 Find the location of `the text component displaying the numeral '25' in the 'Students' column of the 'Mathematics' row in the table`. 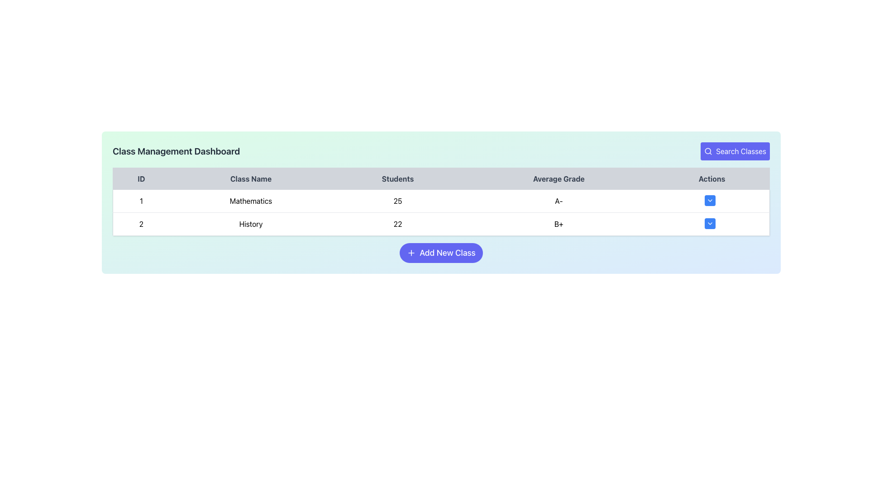

the text component displaying the numeral '25' in the 'Students' column of the 'Mathematics' row in the table is located at coordinates (397, 201).